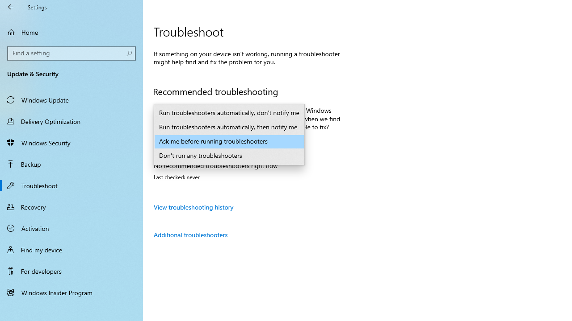 This screenshot has width=572, height=321. What do you see at coordinates (71, 99) in the screenshot?
I see `'Windows Update'` at bounding box center [71, 99].